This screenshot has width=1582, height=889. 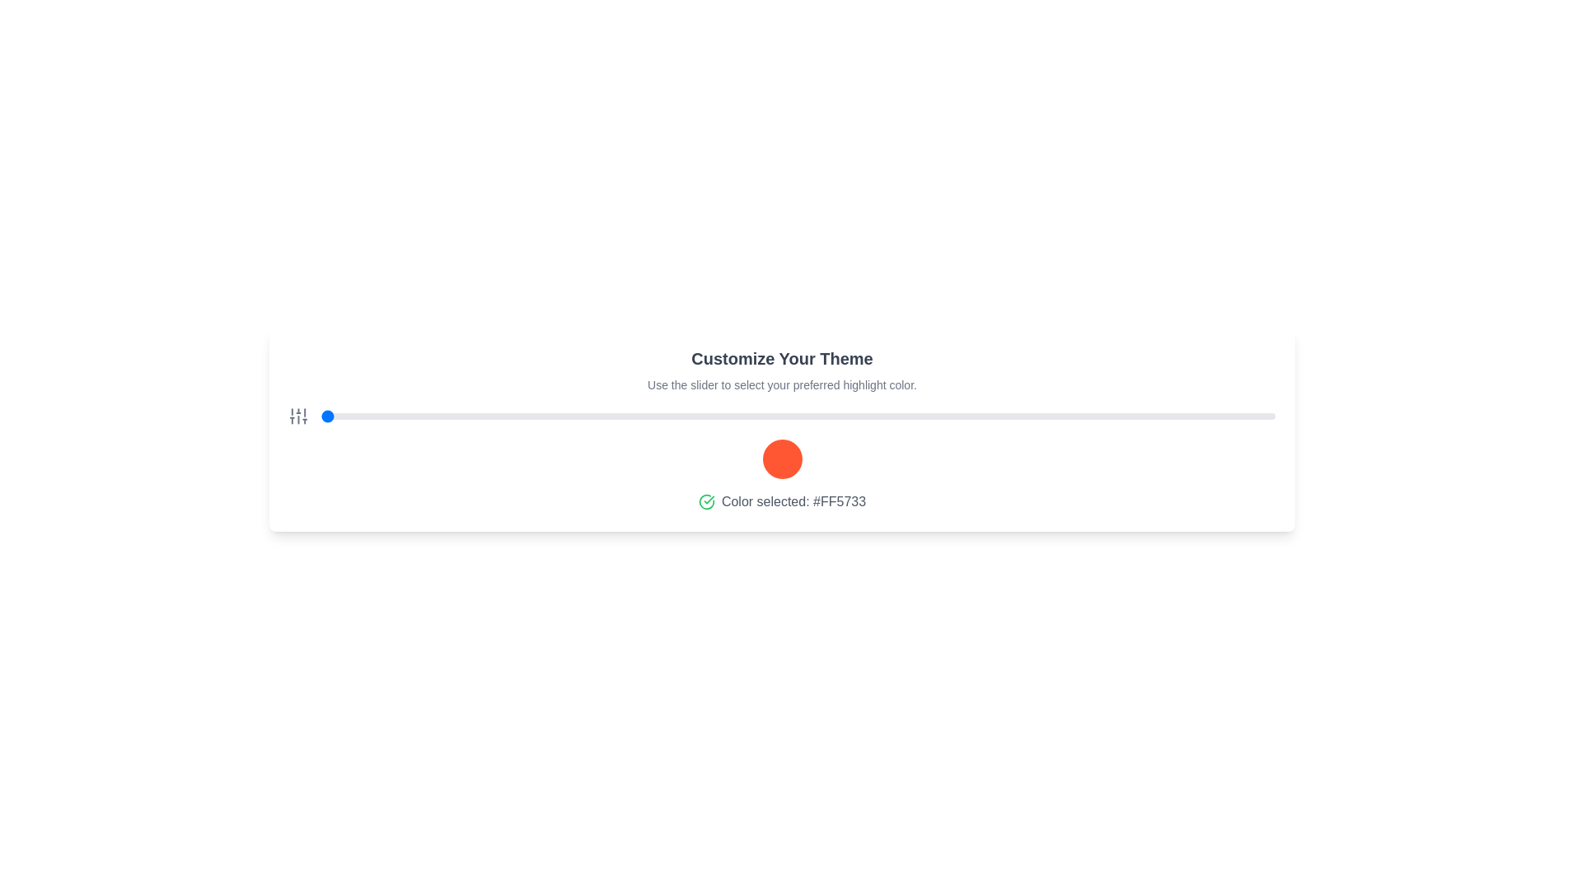 I want to click on the slider, so click(x=511, y=415).